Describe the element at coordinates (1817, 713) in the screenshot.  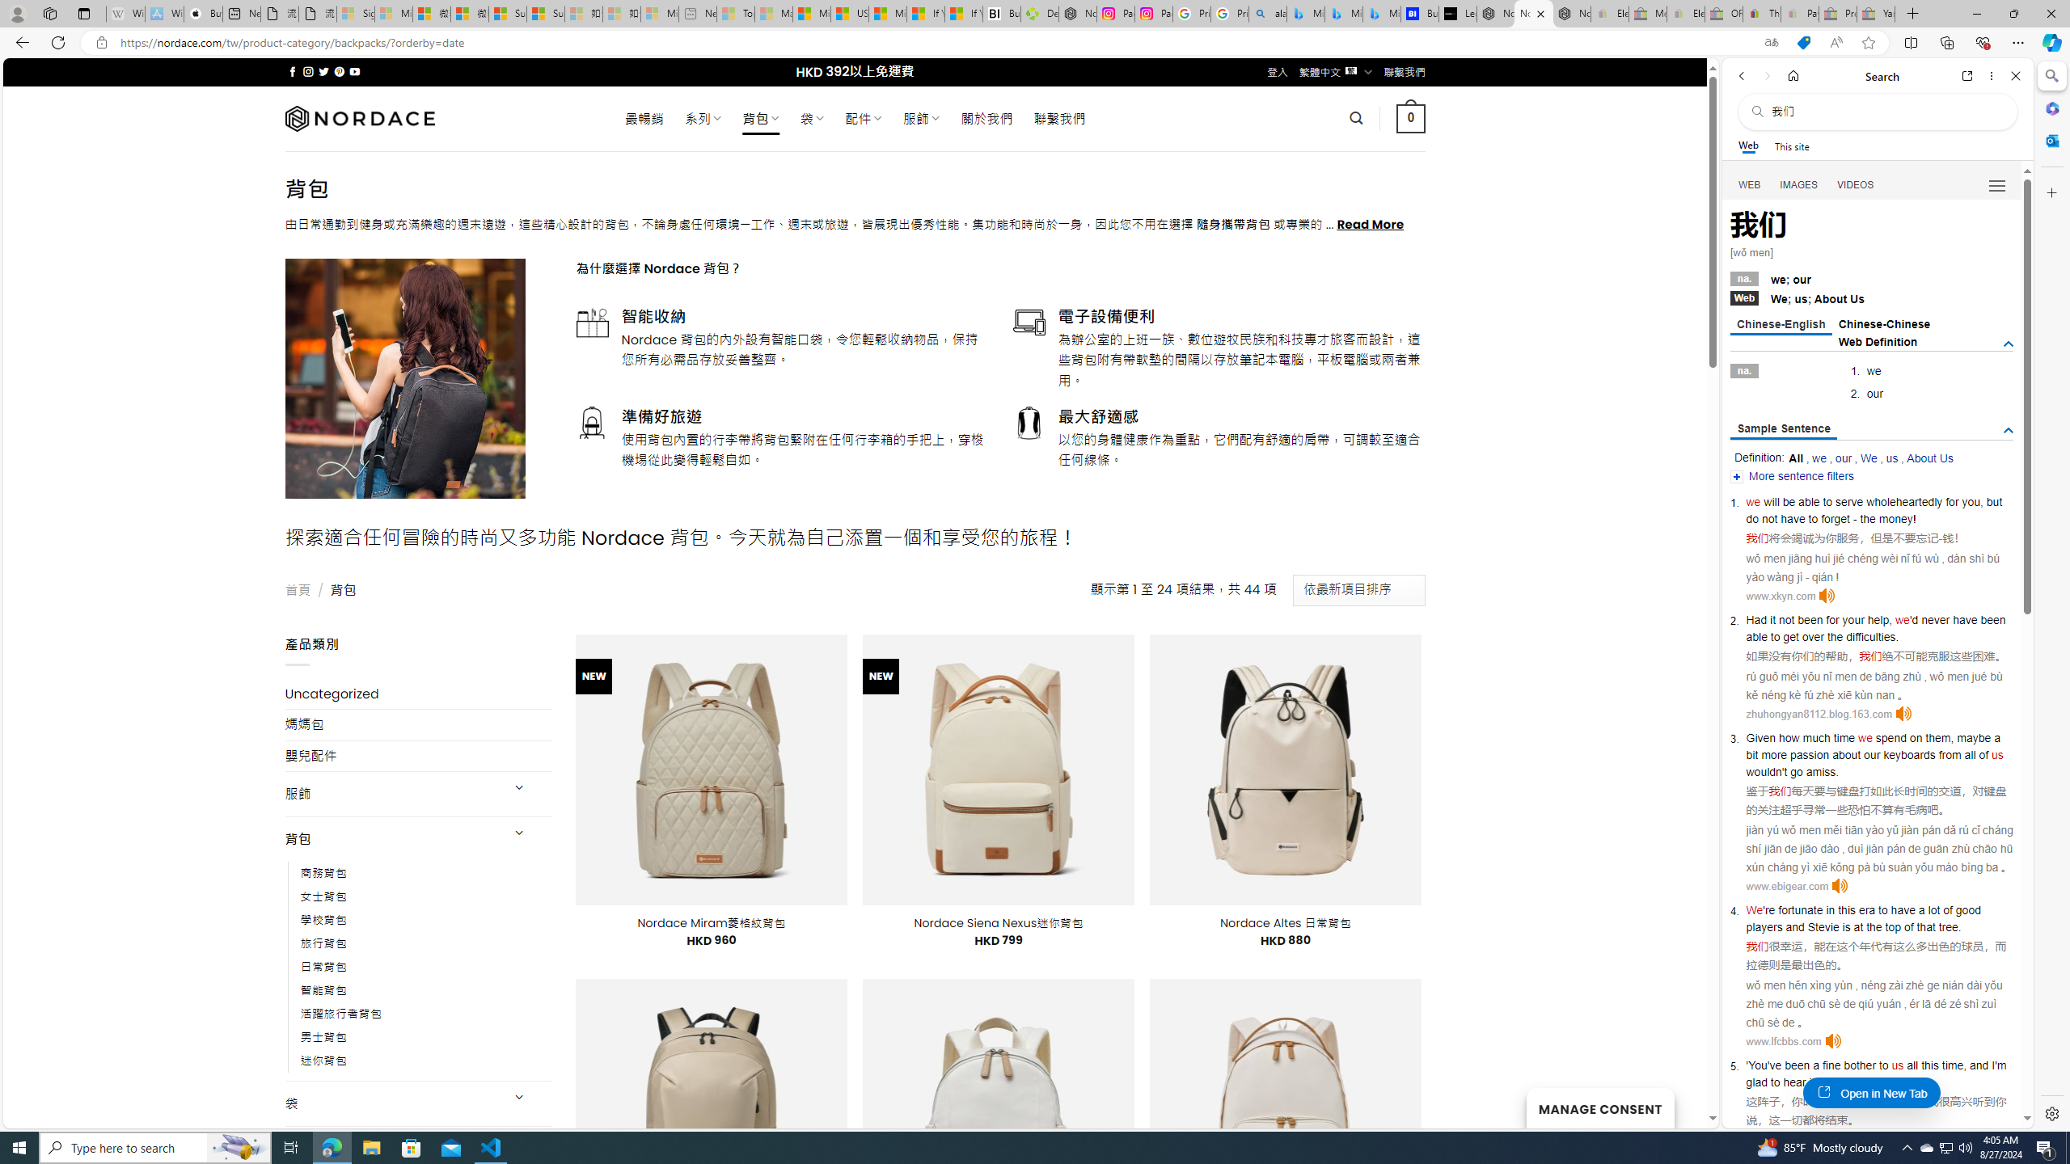
I see `'zhuhongyan8112.blog.163.com'` at that location.